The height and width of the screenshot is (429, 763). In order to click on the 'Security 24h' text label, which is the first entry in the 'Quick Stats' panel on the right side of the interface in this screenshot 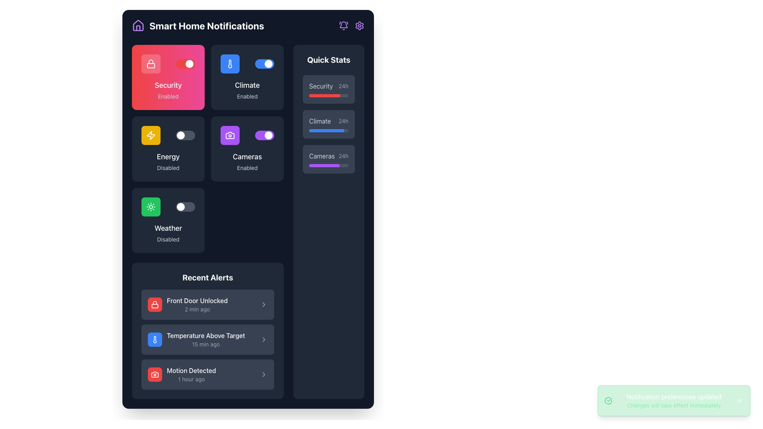, I will do `click(329, 86)`.